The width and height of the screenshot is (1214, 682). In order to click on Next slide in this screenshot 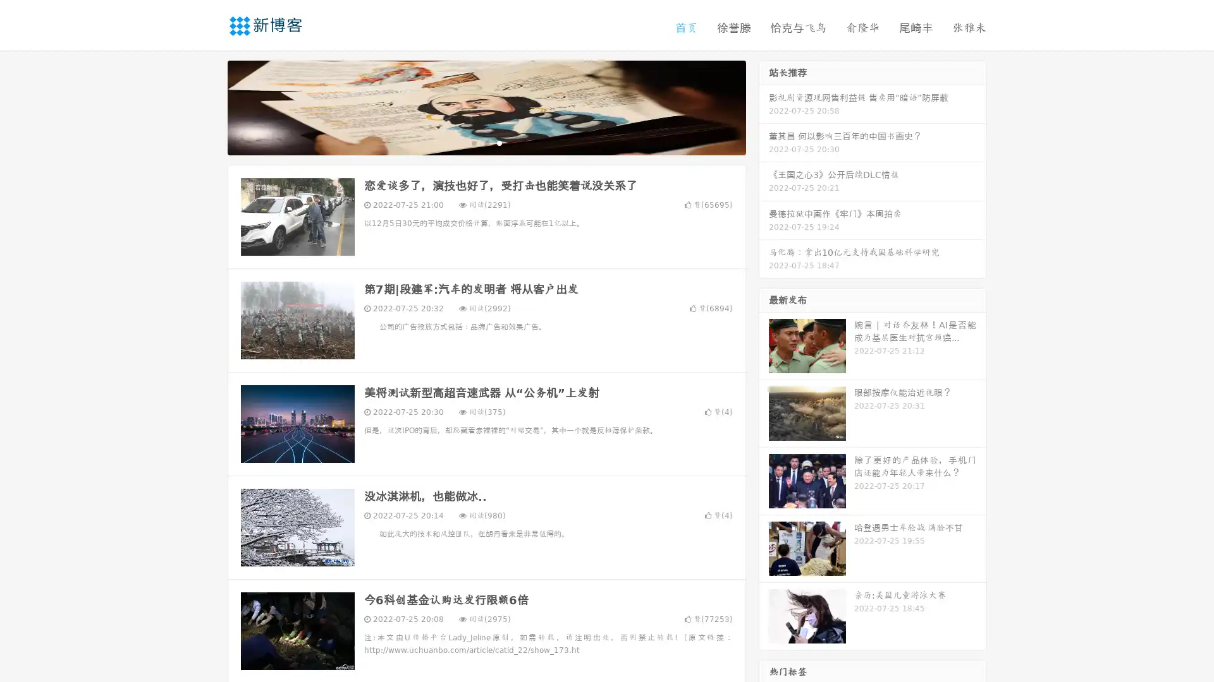, I will do `click(764, 106)`.